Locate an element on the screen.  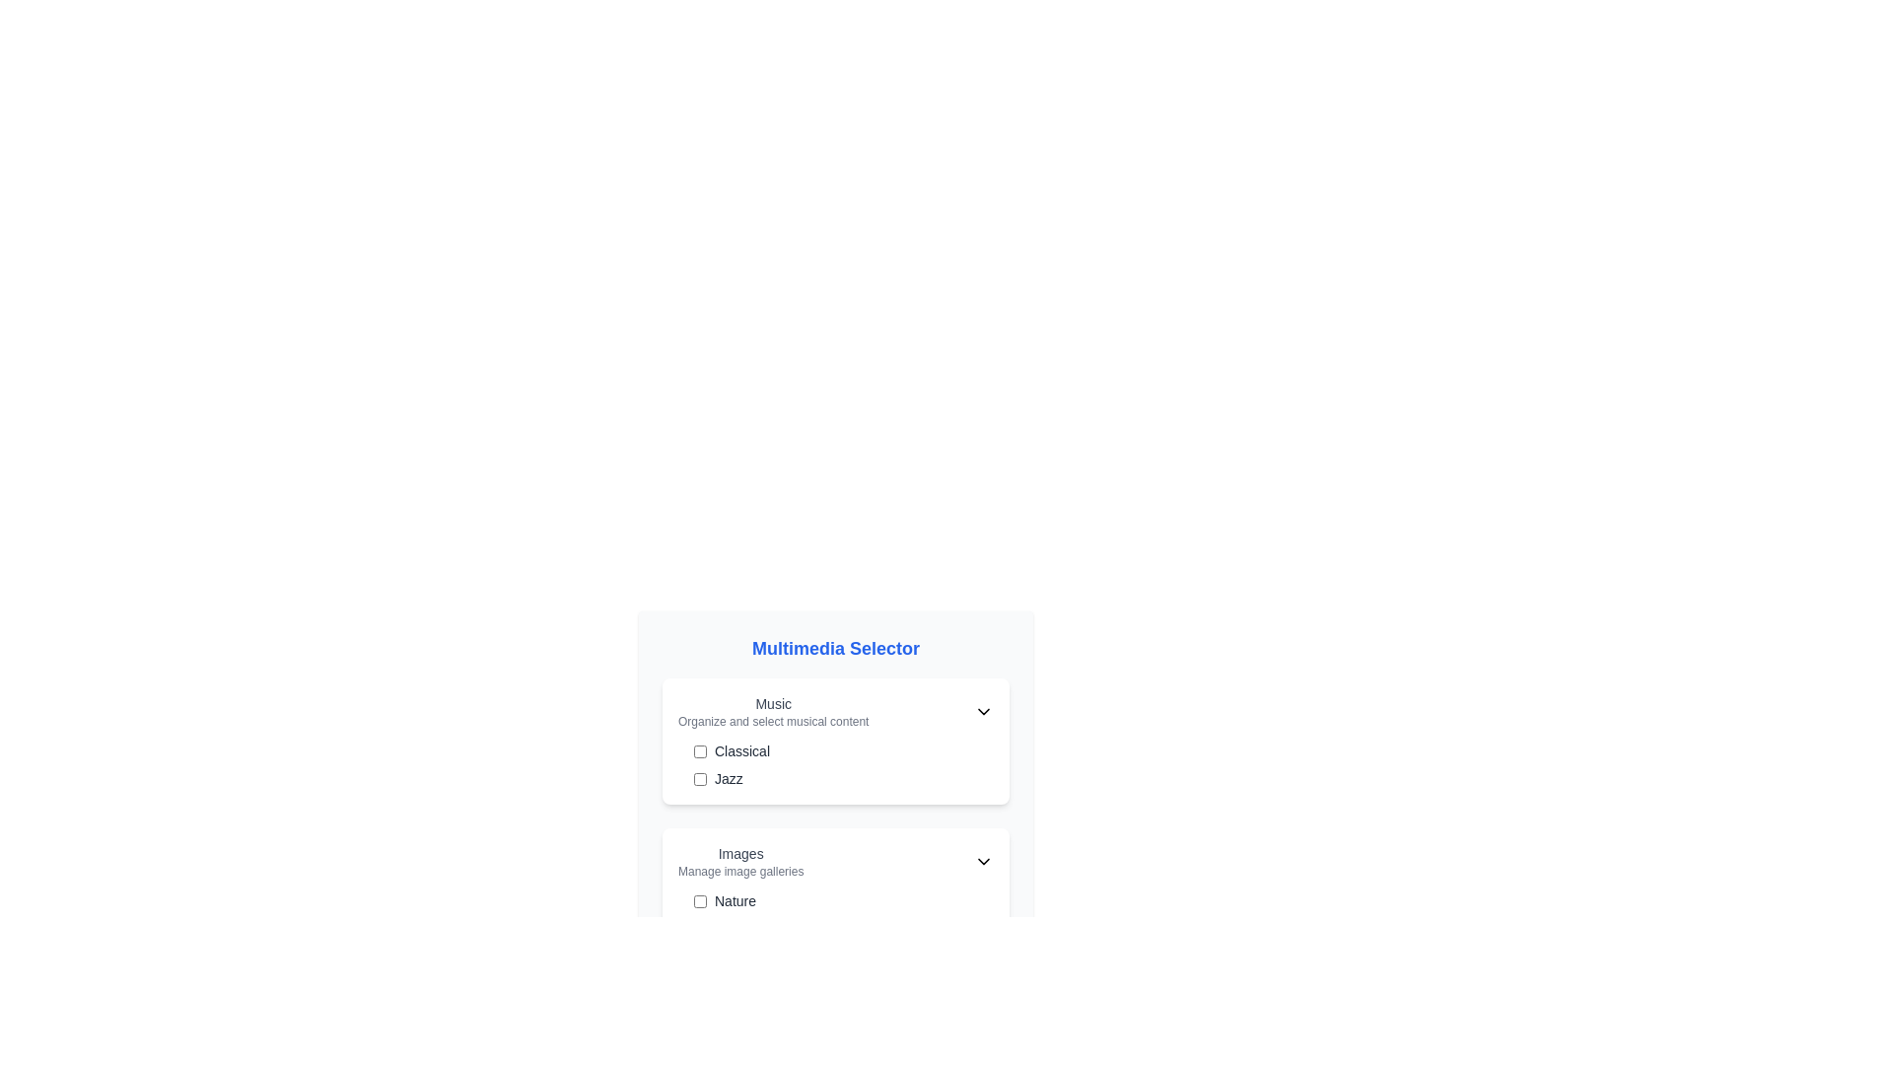
the checkbox for the 'Nature' image gallery located at the leftmost side of the 'Nature' list item in the 'Images' section of the 'Multimedia Selector' interface to potentially reveal a tooltip or visual effect is located at coordinates (700, 901).